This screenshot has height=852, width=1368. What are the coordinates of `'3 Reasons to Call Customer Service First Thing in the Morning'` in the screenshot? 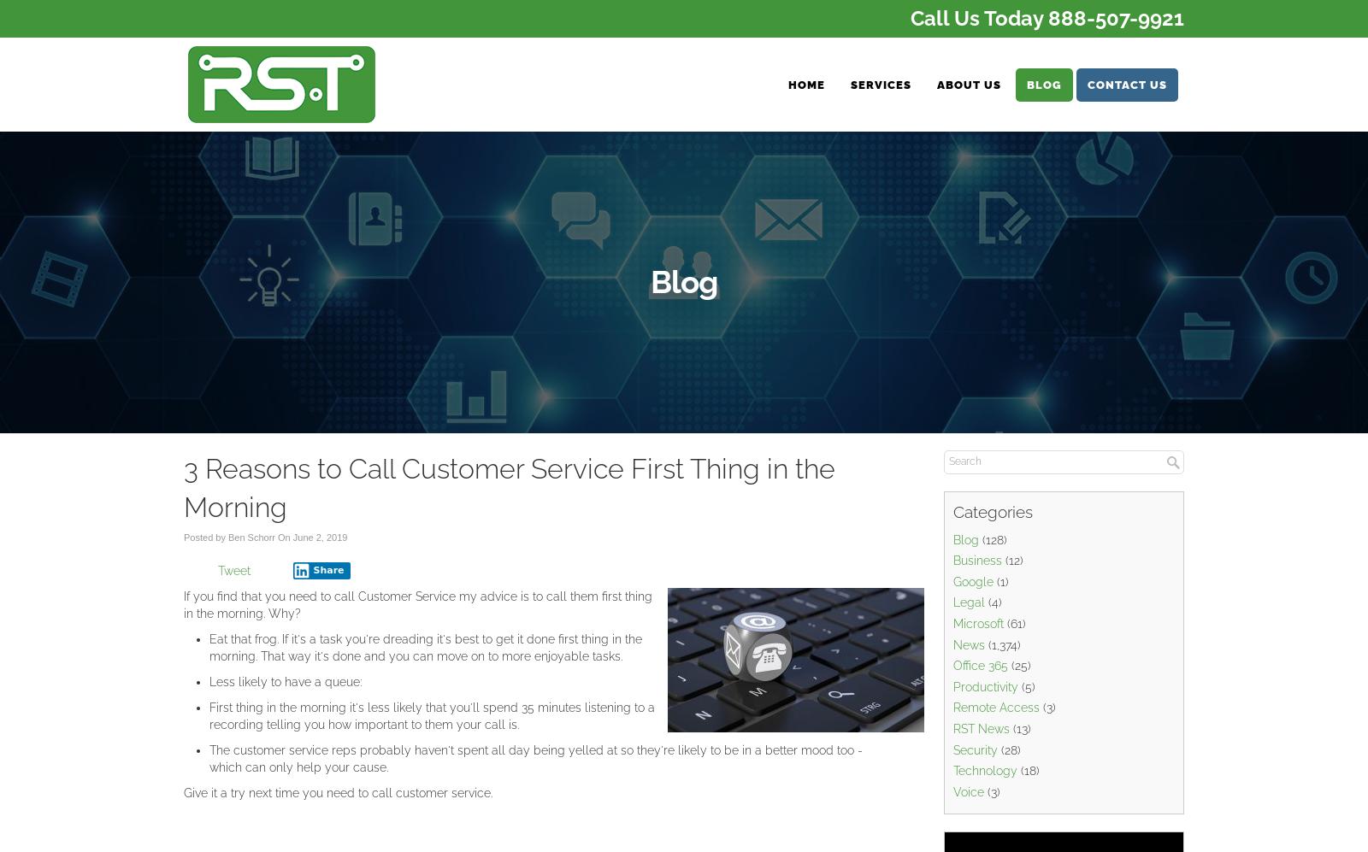 It's located at (509, 486).